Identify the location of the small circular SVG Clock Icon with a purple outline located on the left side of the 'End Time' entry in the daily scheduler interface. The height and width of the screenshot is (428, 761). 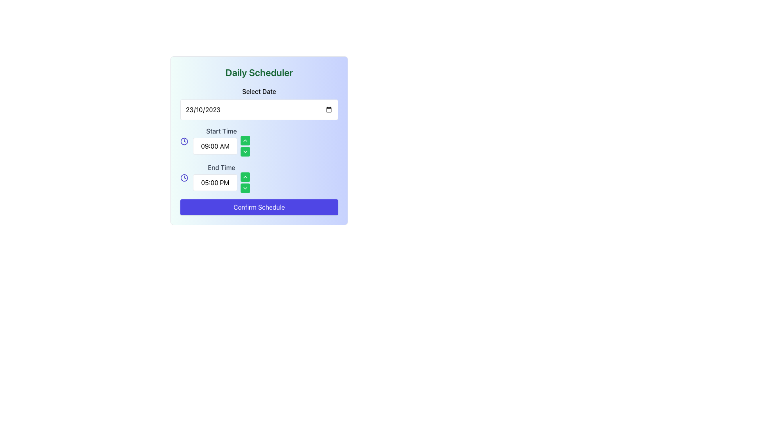
(184, 141).